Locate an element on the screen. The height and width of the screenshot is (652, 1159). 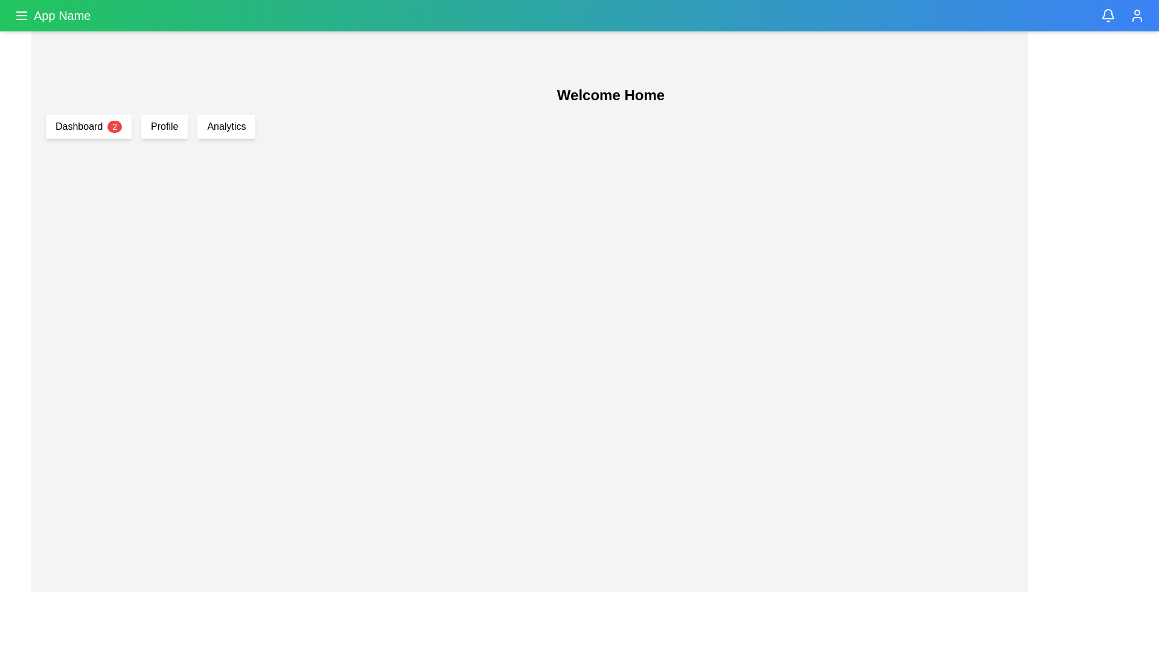
the User Profile icon located at the top-right corner of the application’s header bar to potentially view a quick-access menu is located at coordinates (1136, 16).